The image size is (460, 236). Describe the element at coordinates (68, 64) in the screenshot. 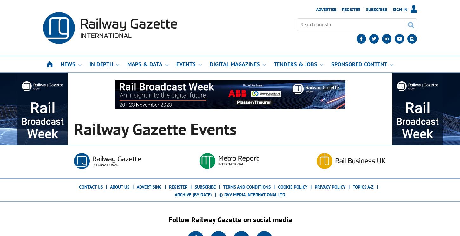

I see `'News'` at that location.